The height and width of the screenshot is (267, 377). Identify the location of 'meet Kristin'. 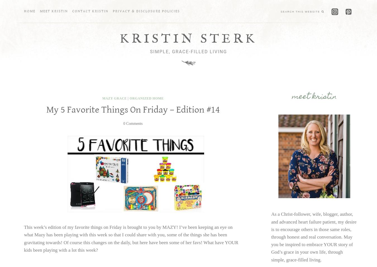
(314, 96).